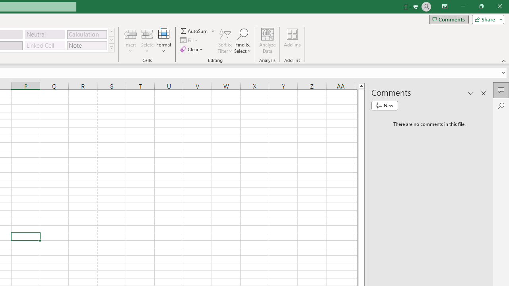  What do you see at coordinates (111, 40) in the screenshot?
I see `'Row Down'` at bounding box center [111, 40].